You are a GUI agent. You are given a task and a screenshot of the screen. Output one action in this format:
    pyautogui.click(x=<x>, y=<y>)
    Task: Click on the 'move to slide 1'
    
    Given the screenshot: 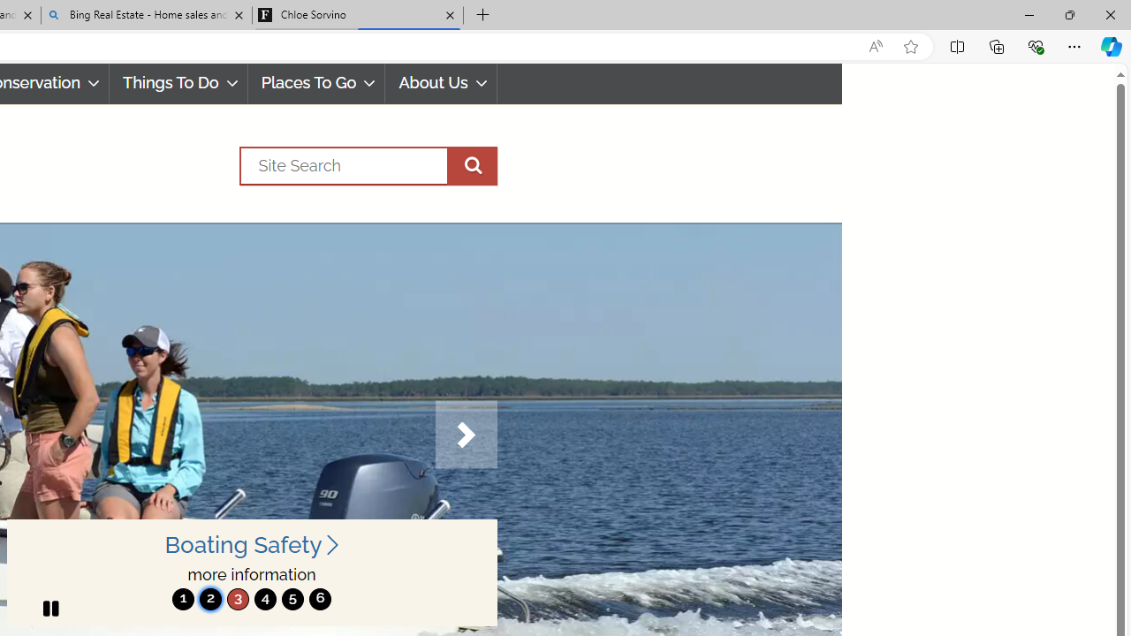 What is the action you would take?
    pyautogui.click(x=183, y=598)
    